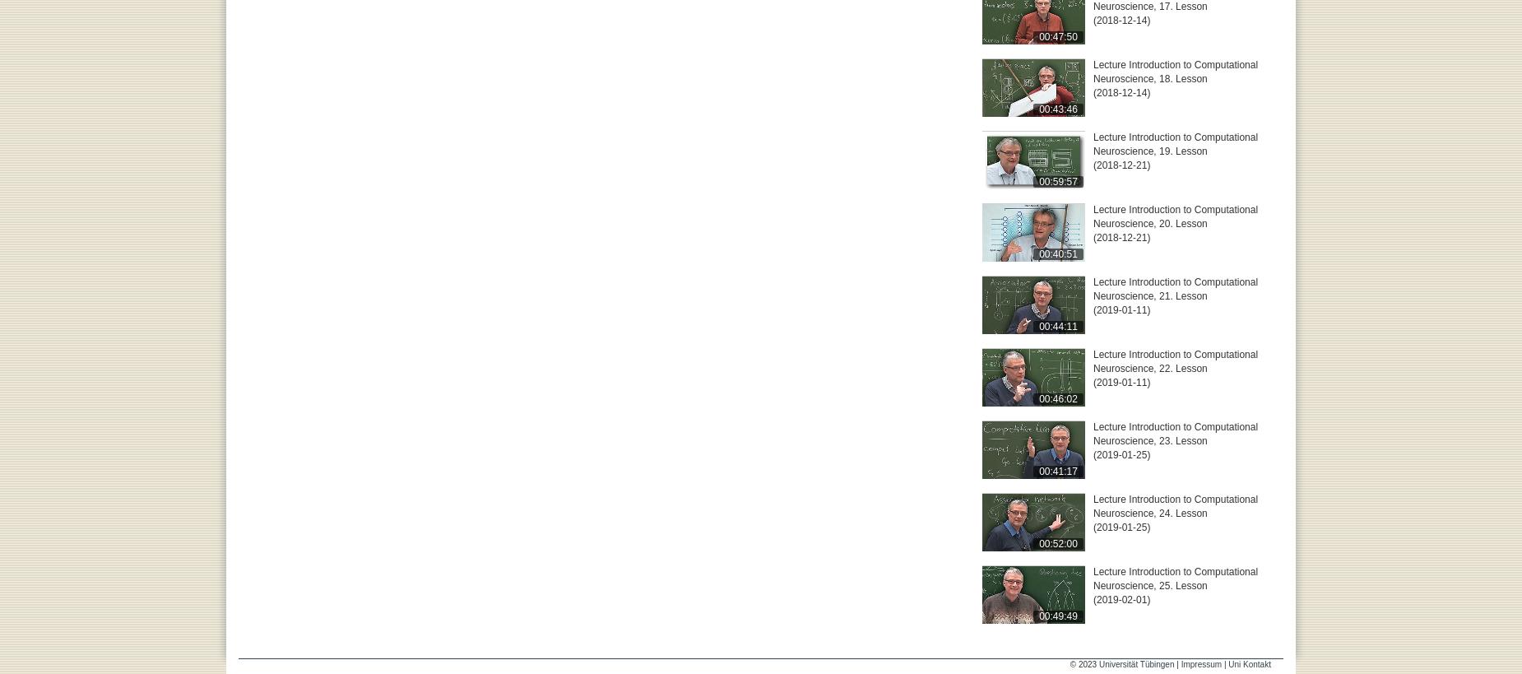  What do you see at coordinates (1056, 180) in the screenshot?
I see `'00:59:57'` at bounding box center [1056, 180].